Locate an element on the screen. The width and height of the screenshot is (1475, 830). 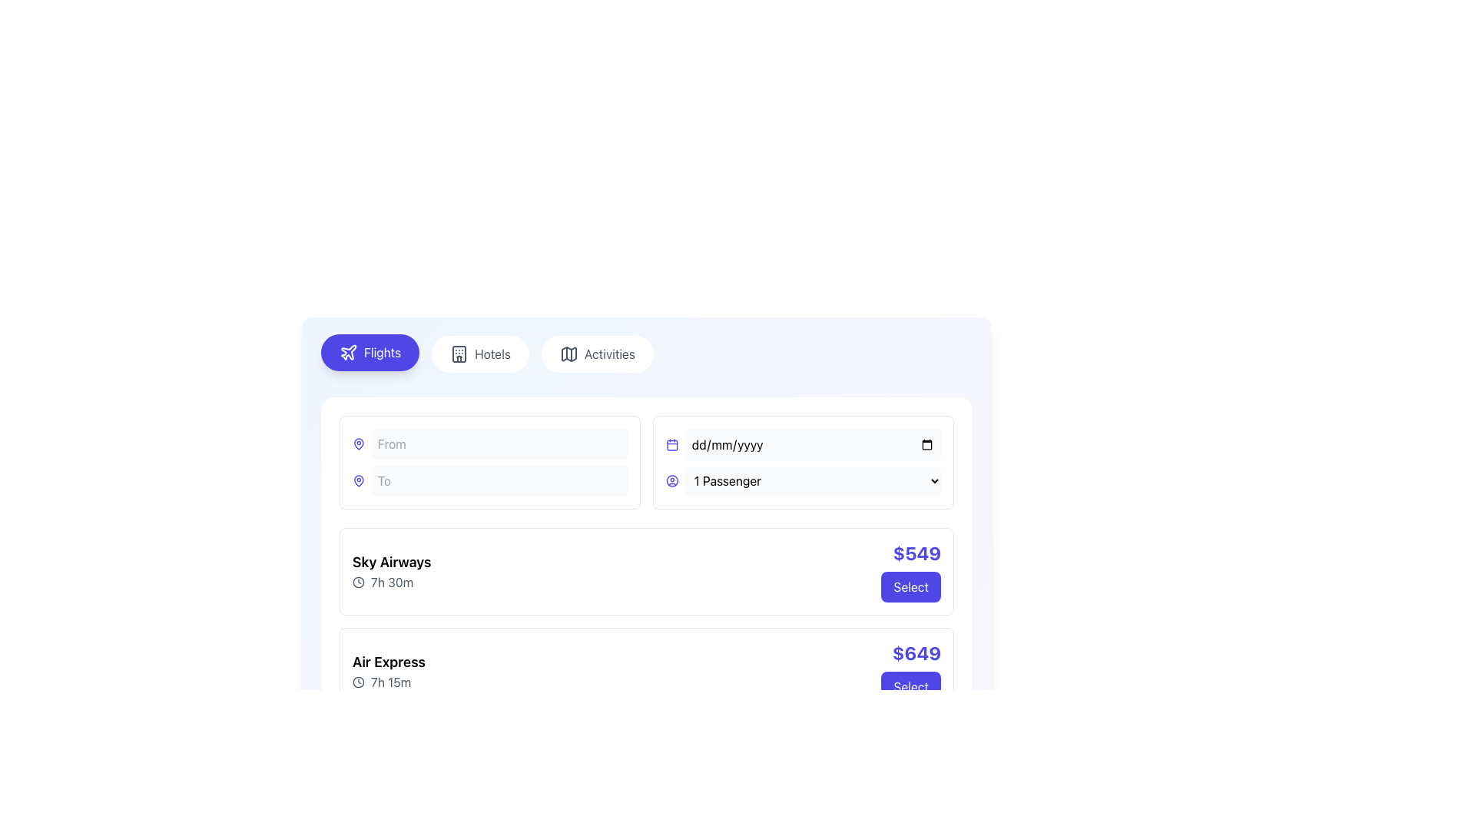
the dropdown menu for selecting the number of passengers in the booking application is located at coordinates (811, 480).